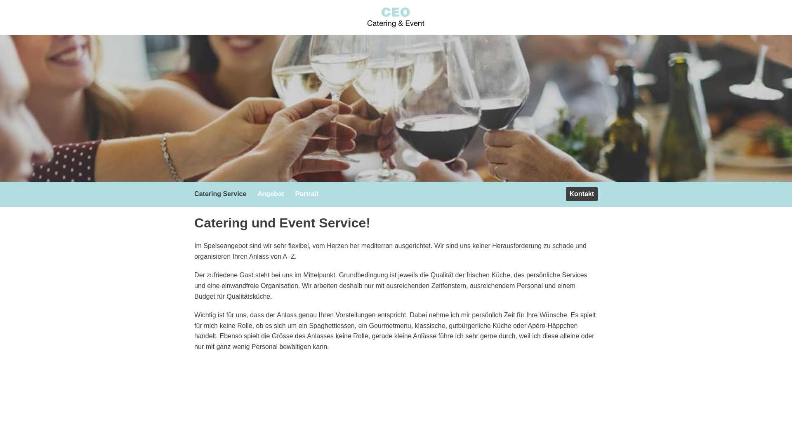 The width and height of the screenshot is (792, 445). I want to click on 'Startseite', so click(396, 17).